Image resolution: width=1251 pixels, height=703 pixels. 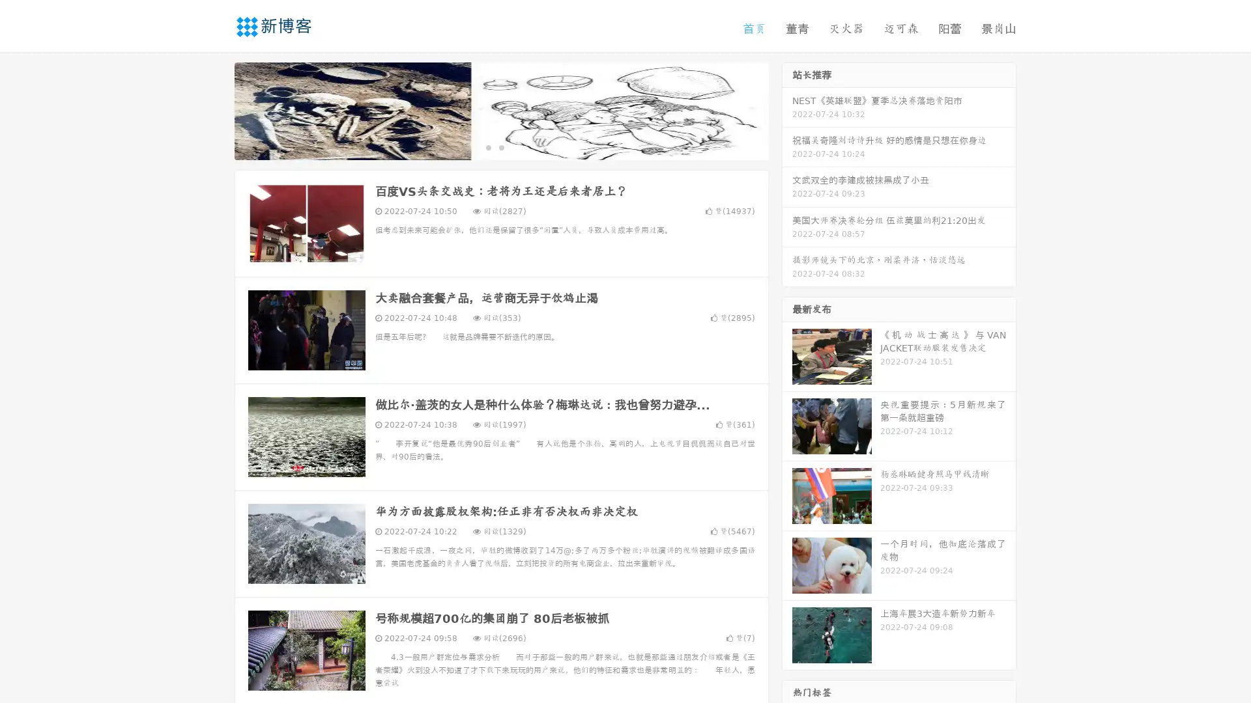 What do you see at coordinates (787, 109) in the screenshot?
I see `Next slide` at bounding box center [787, 109].